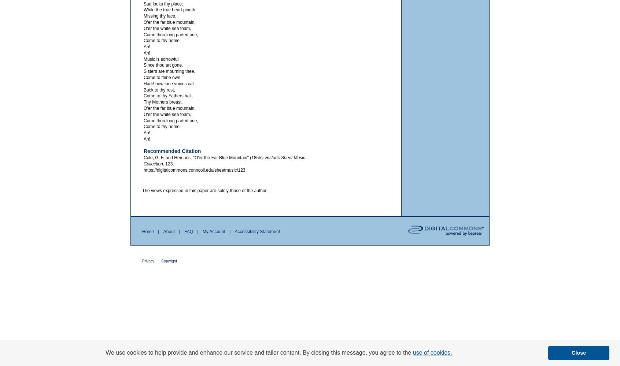 The width and height of the screenshot is (620, 366). What do you see at coordinates (169, 10) in the screenshot?
I see `'While the true heart pineth,'` at bounding box center [169, 10].